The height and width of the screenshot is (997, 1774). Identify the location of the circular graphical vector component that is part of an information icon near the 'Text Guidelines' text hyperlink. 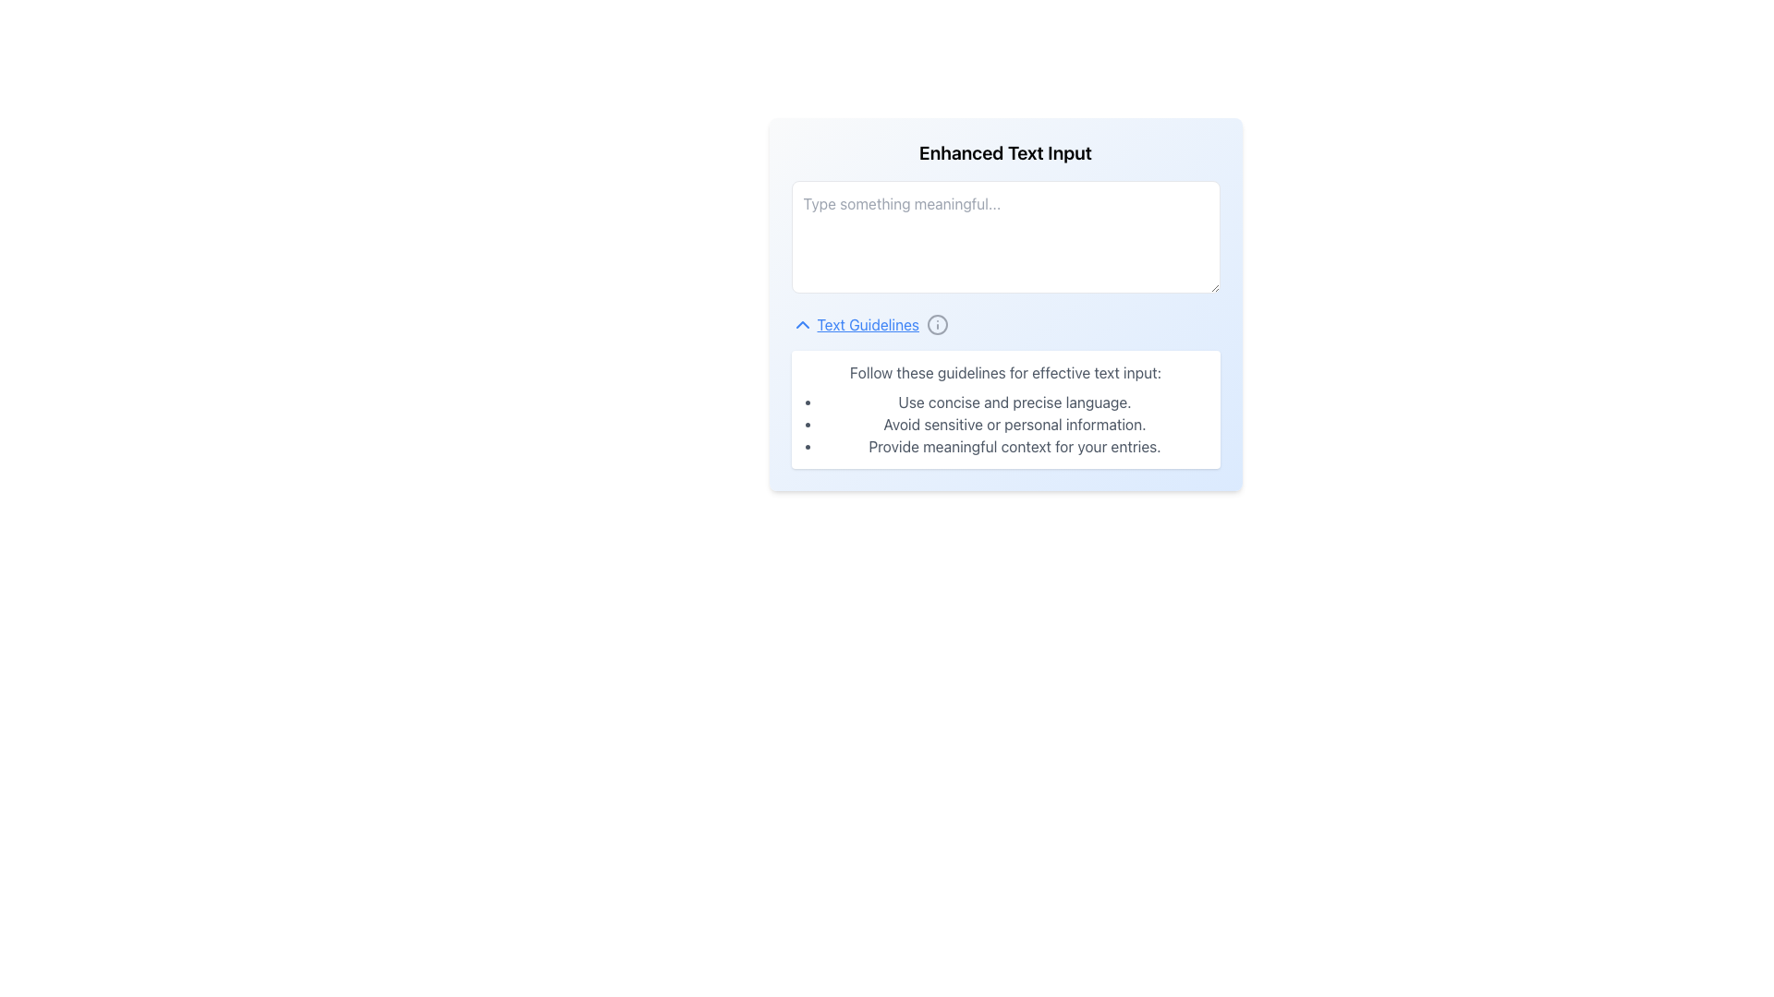
(937, 323).